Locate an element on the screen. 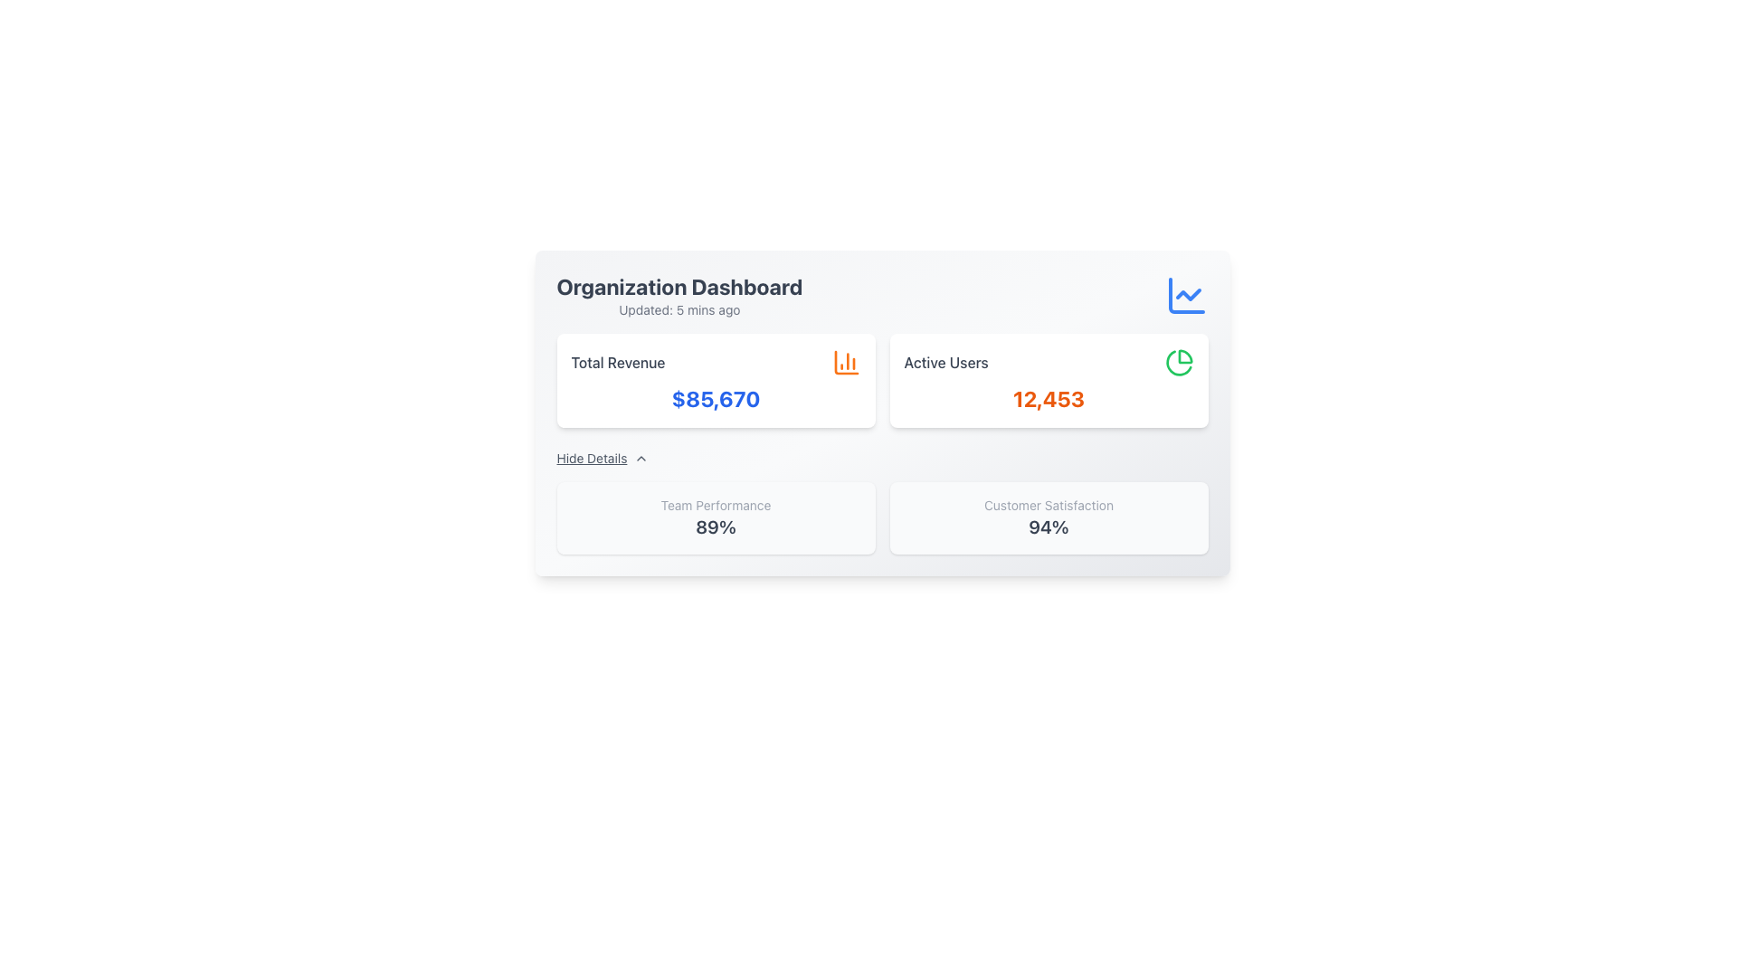 The image size is (1737, 977). information presented on the Informational card displaying 'Team Performance' and '89%' in the lower left section of the interface is located at coordinates (715, 518).